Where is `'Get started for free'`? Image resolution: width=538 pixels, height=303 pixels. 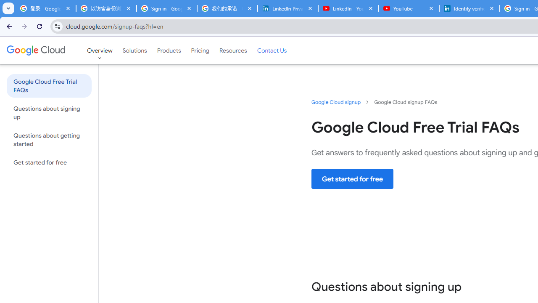 'Get started for free' is located at coordinates (353, 178).